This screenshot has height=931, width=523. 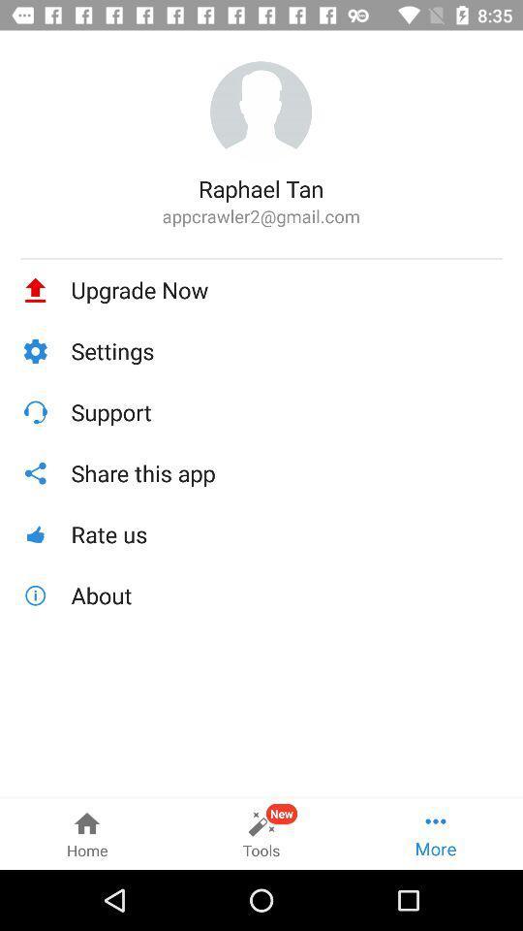 What do you see at coordinates (286, 289) in the screenshot?
I see `item above the settings item` at bounding box center [286, 289].